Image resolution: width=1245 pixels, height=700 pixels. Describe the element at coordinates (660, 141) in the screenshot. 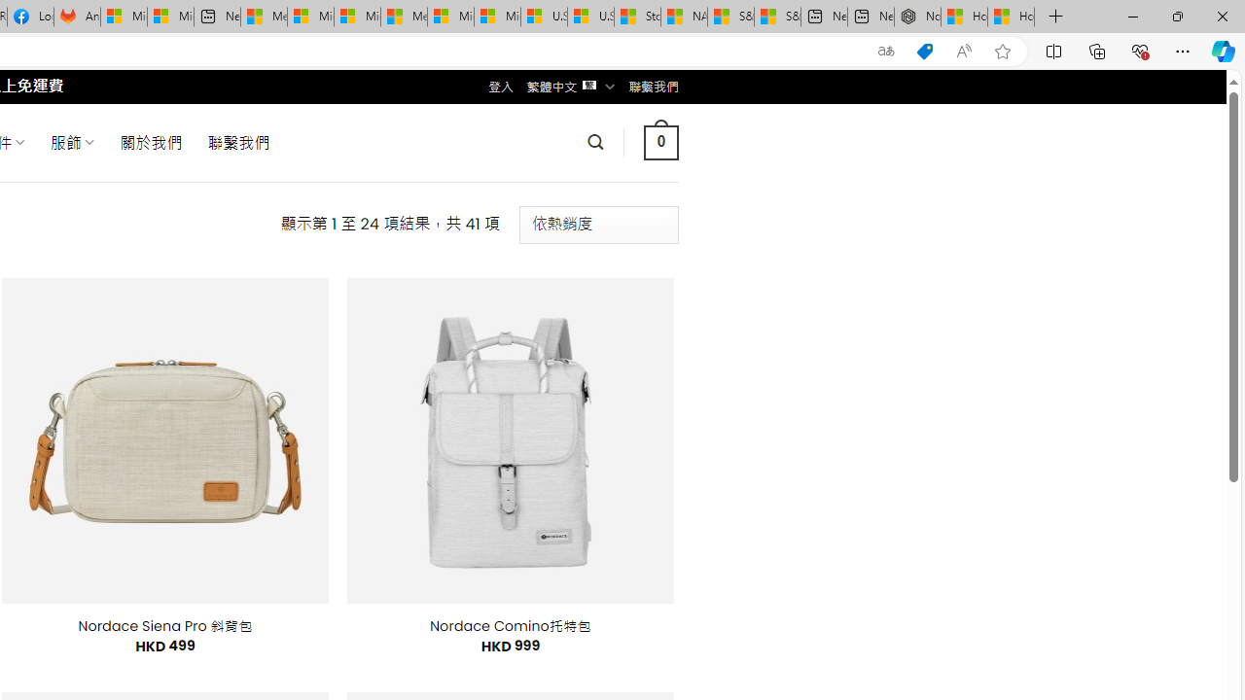

I see `'  0  '` at that location.